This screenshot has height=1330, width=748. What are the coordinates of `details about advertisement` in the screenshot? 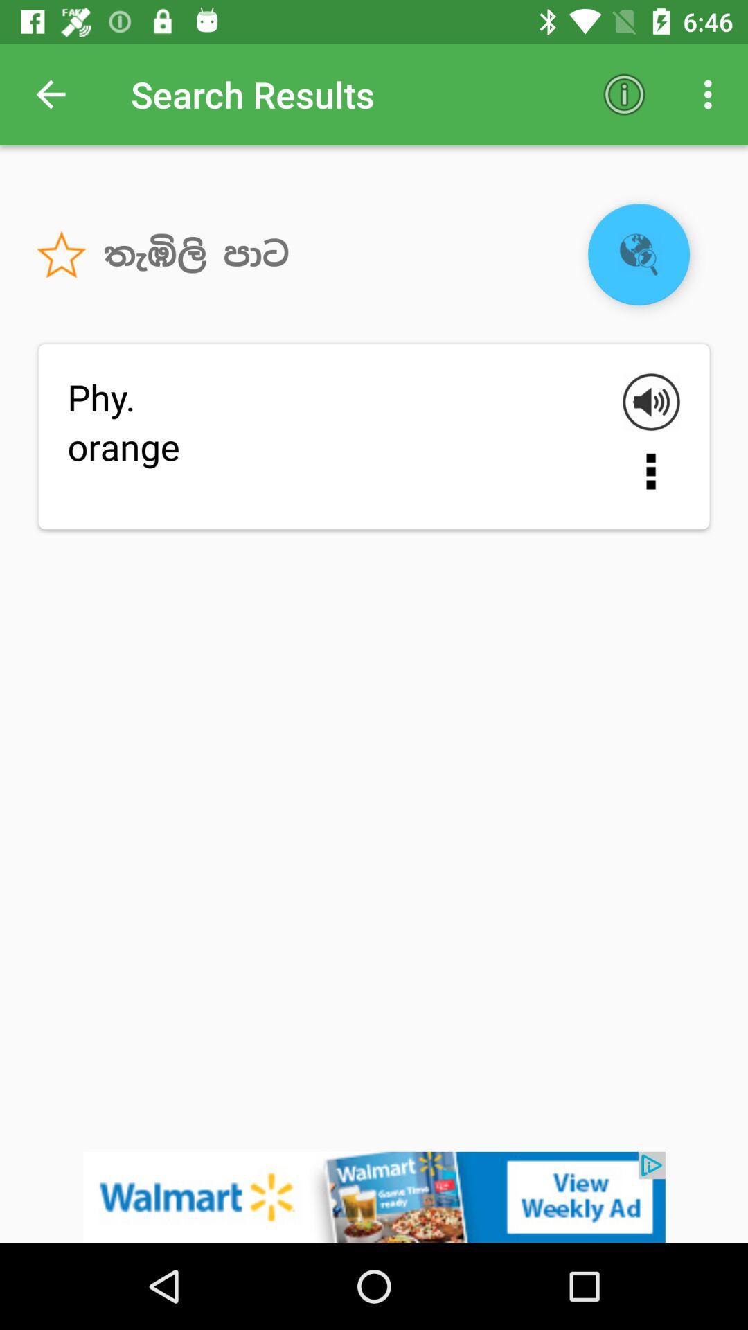 It's located at (374, 1196).